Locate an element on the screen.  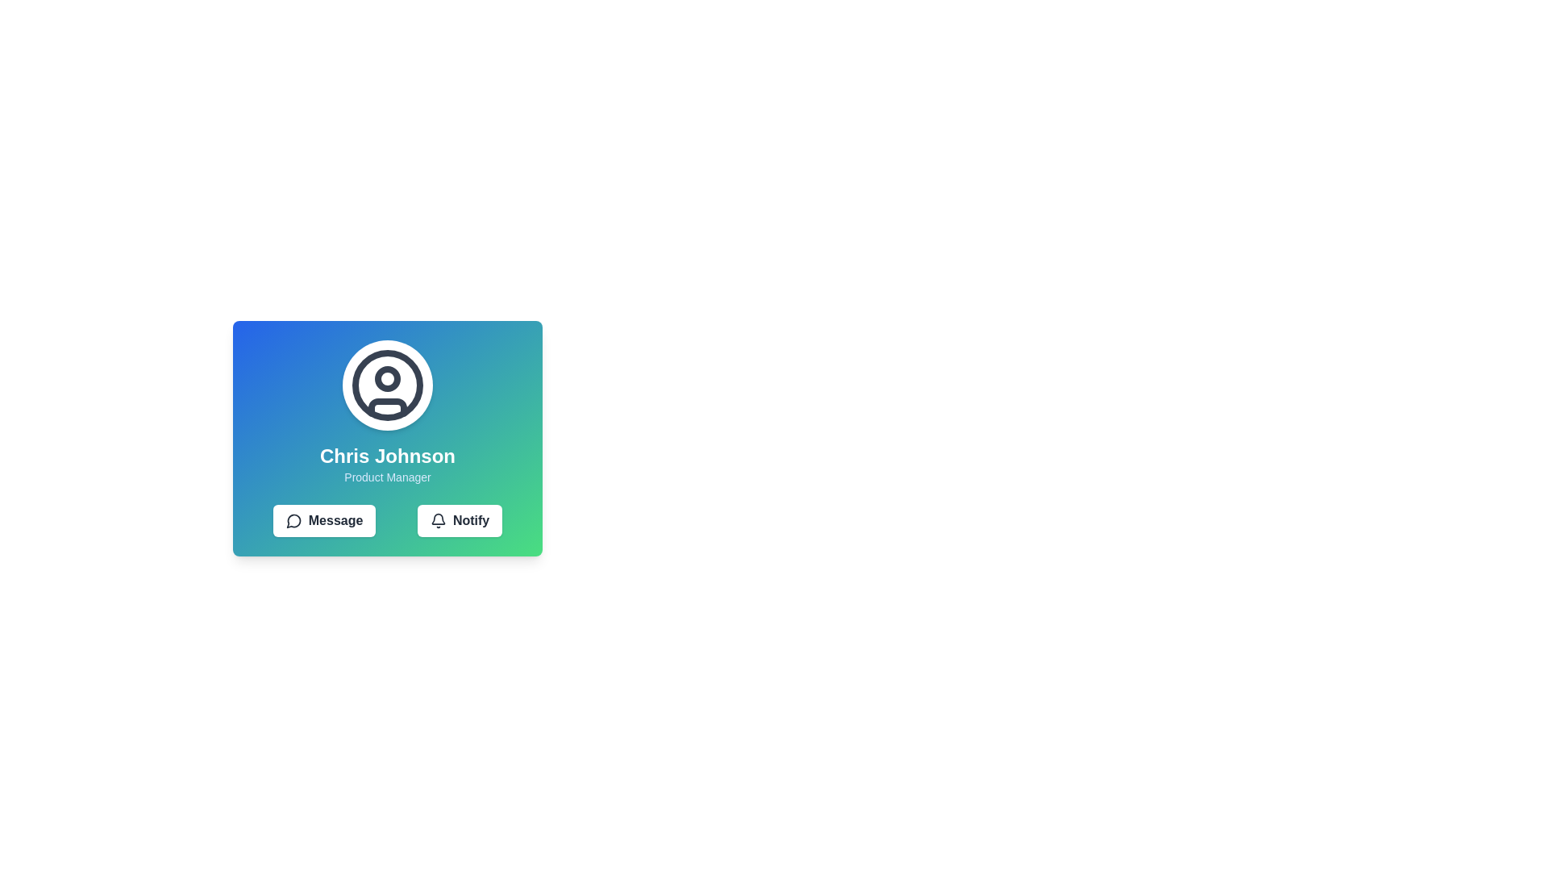
the small circular icon resembling a speech bubble with a tail, outlined in black, located to the left side inside the 'Message' button on the card titled 'Chris Johnson - Product Manager.' is located at coordinates (293, 520).